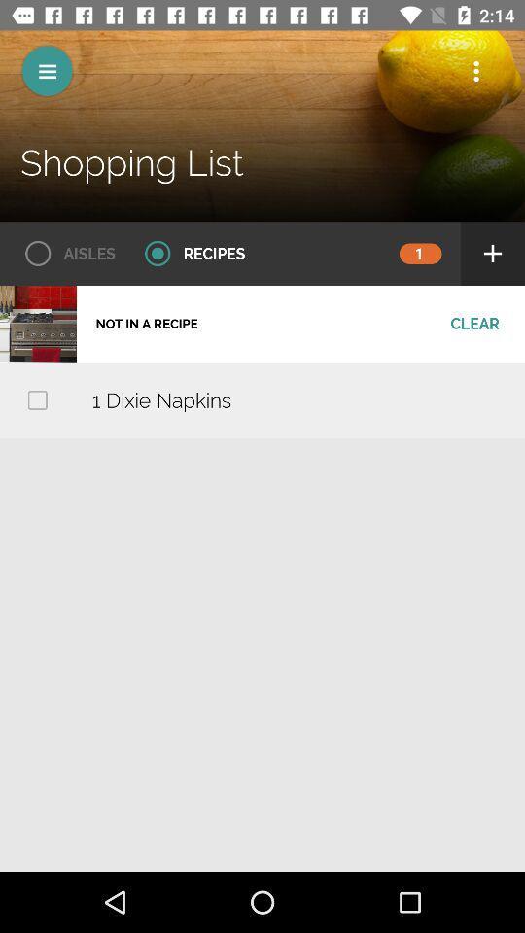  I want to click on bookmarks and history, so click(475, 71).